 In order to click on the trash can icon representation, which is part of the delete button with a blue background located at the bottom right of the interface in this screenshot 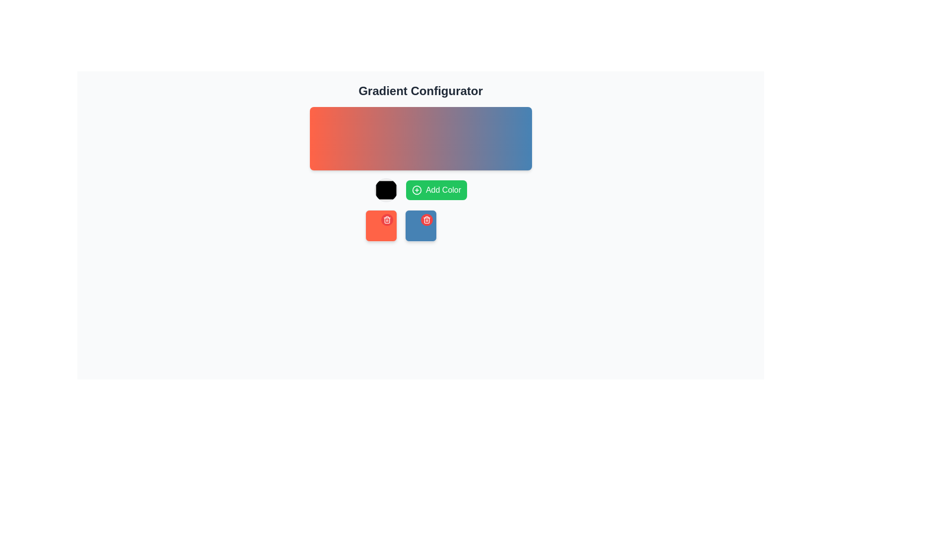, I will do `click(426, 220)`.